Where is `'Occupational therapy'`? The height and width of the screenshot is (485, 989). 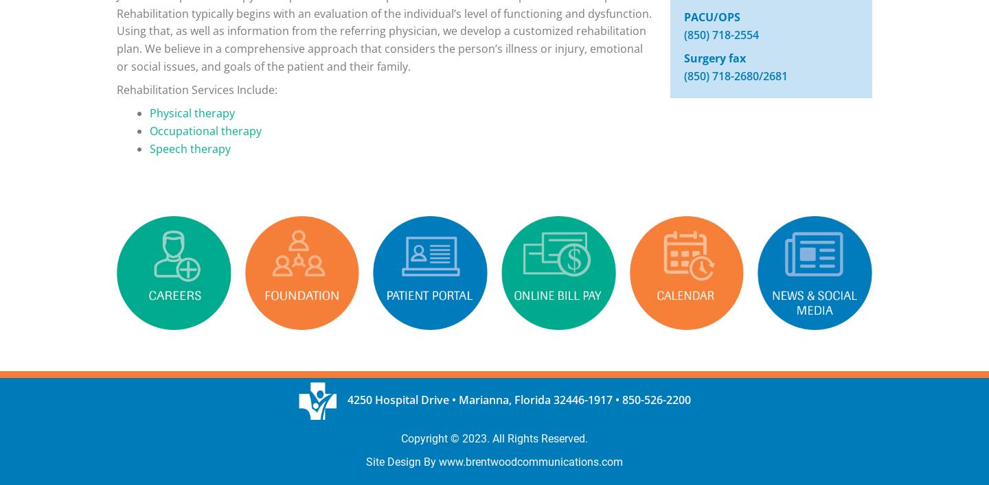 'Occupational therapy' is located at coordinates (205, 130).